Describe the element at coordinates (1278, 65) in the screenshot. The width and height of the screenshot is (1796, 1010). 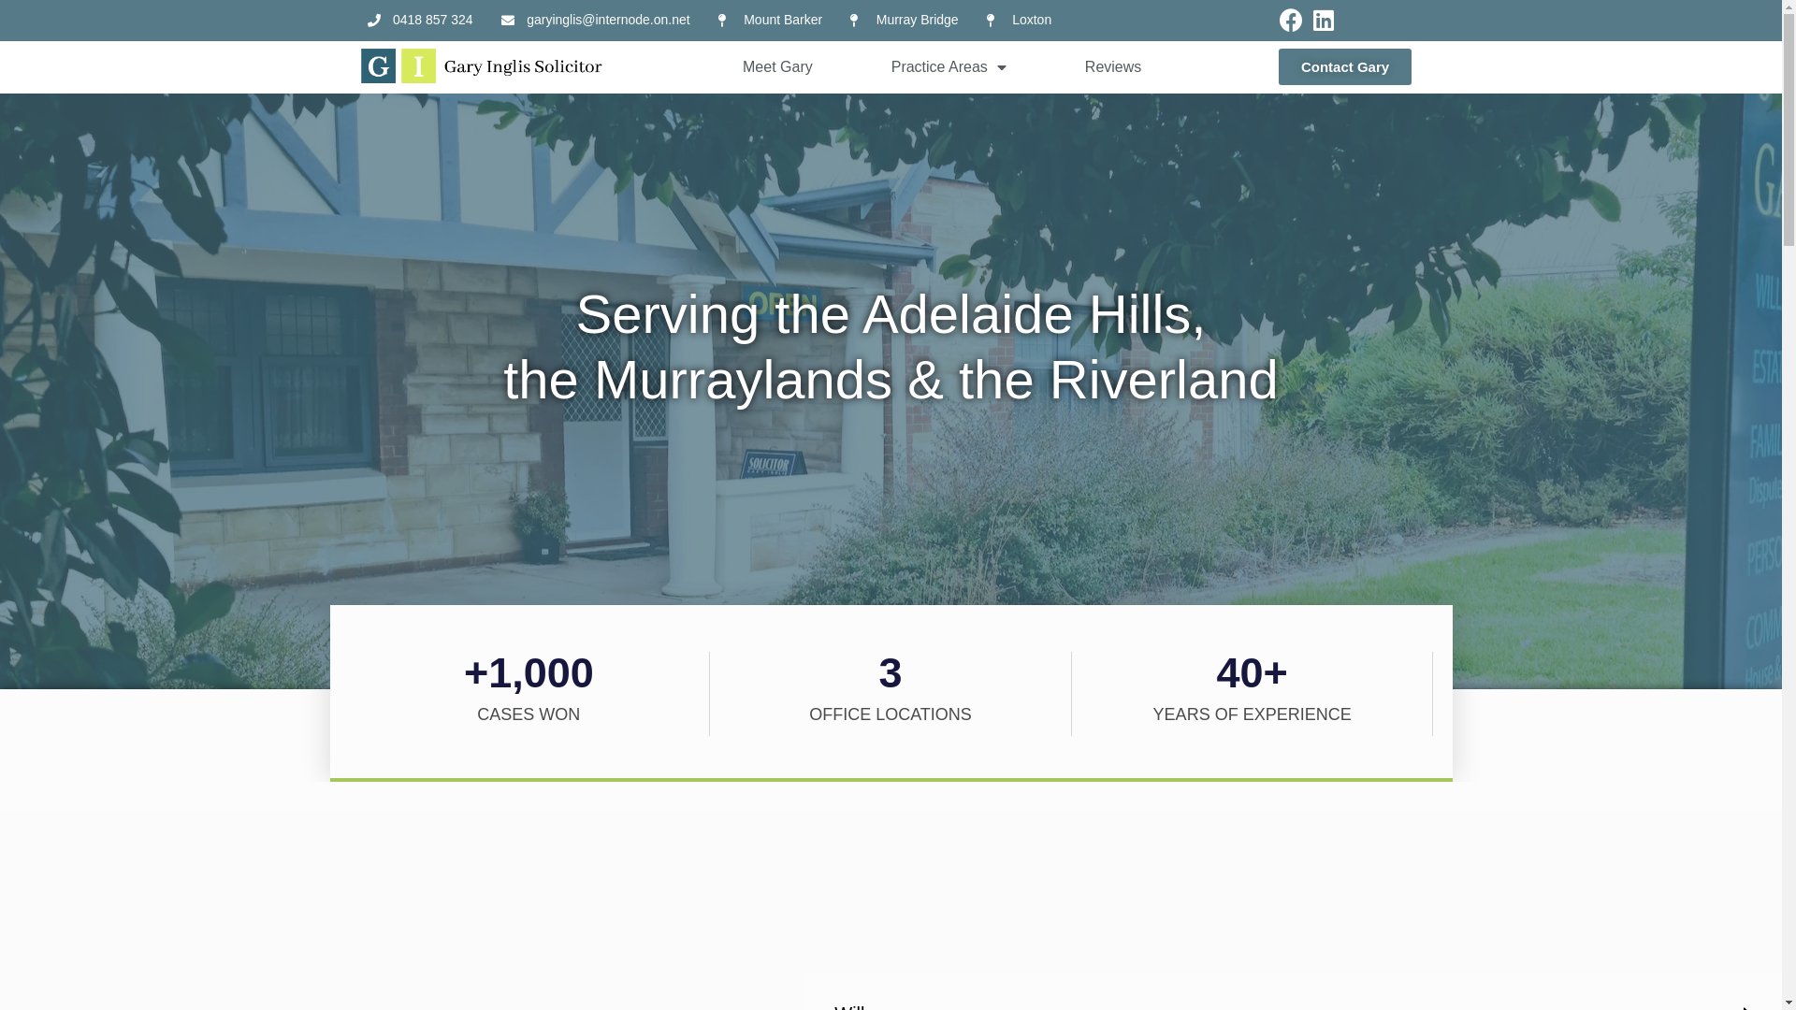
I see `'Contact Gary'` at that location.